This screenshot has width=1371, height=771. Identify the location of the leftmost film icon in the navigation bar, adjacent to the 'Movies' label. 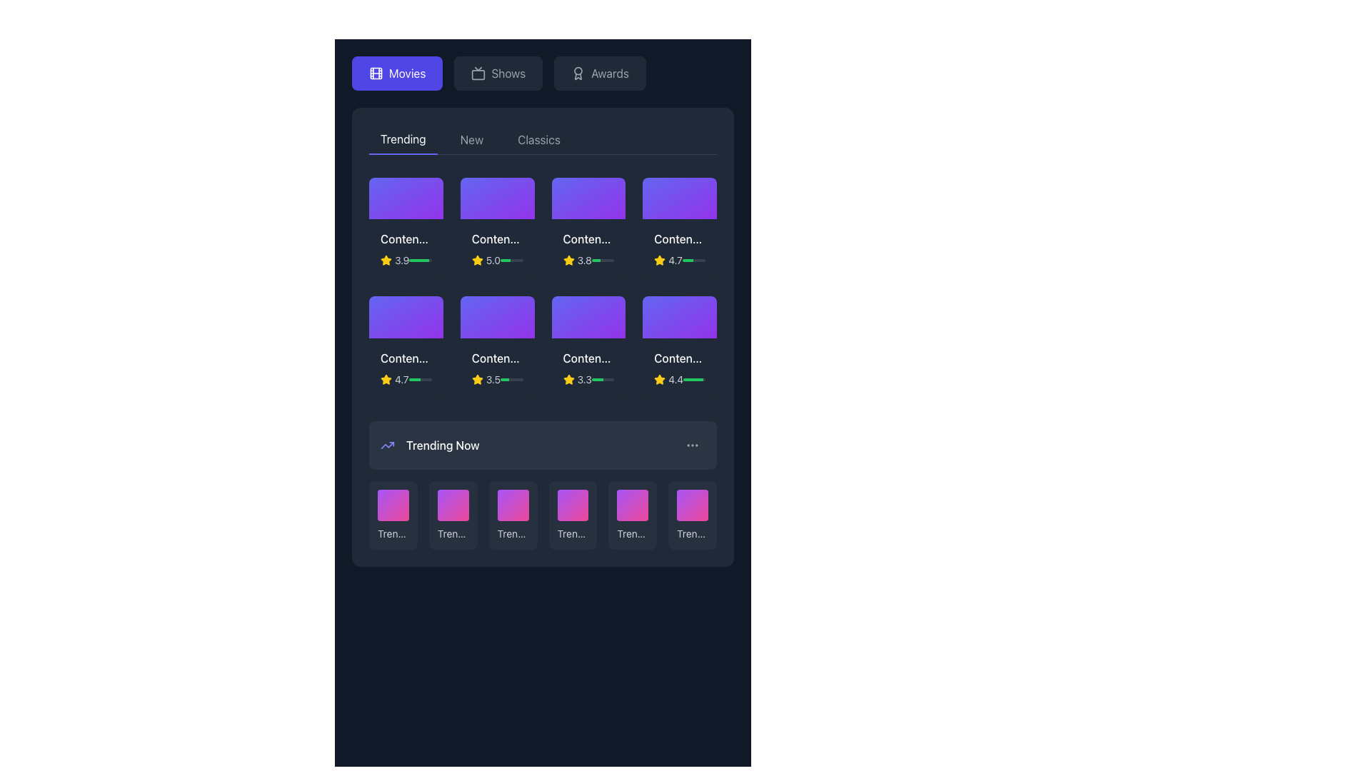
(376, 74).